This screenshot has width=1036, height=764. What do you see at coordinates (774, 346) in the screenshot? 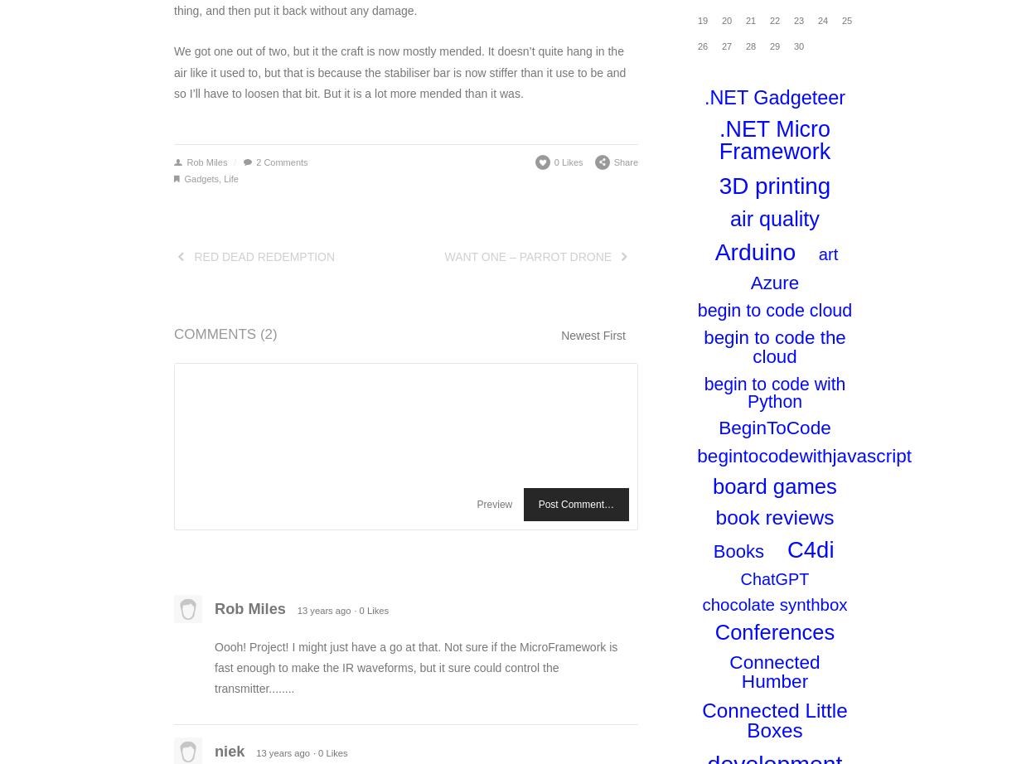
I see `'begin to code the cloud'` at bounding box center [774, 346].